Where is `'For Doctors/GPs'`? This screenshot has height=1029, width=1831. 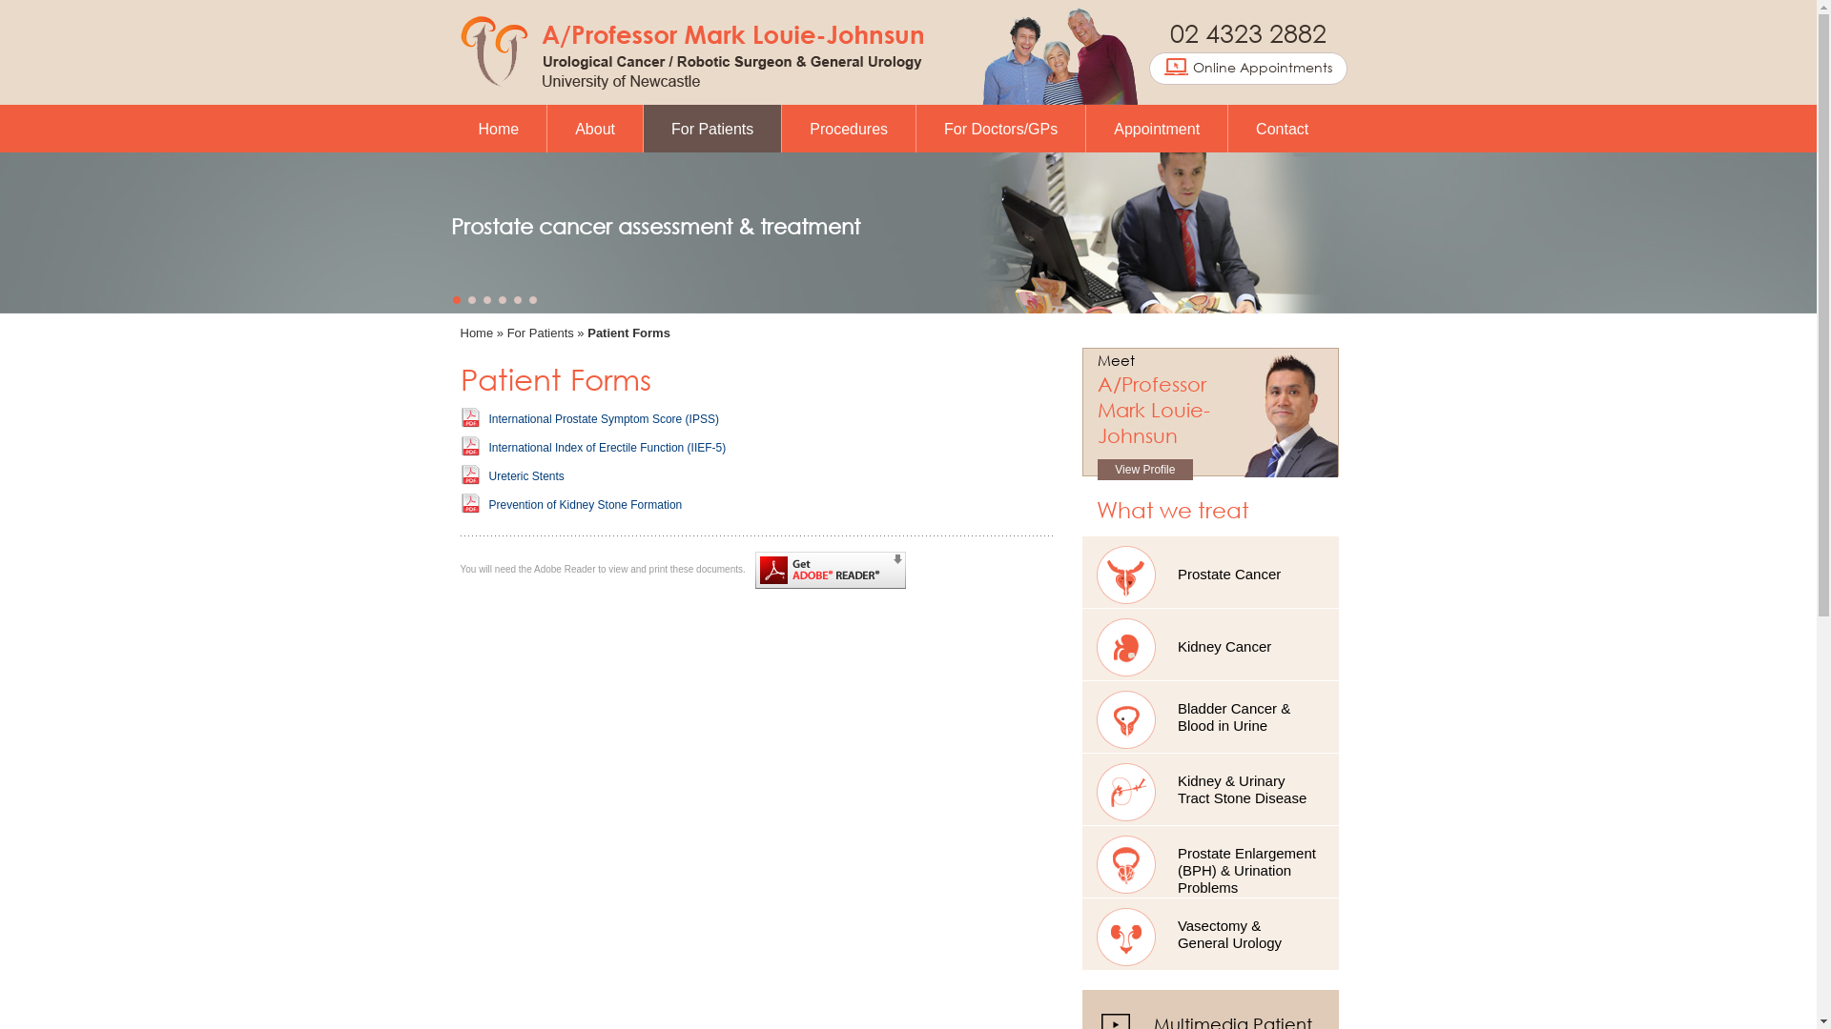
'For Doctors/GPs' is located at coordinates (999, 129).